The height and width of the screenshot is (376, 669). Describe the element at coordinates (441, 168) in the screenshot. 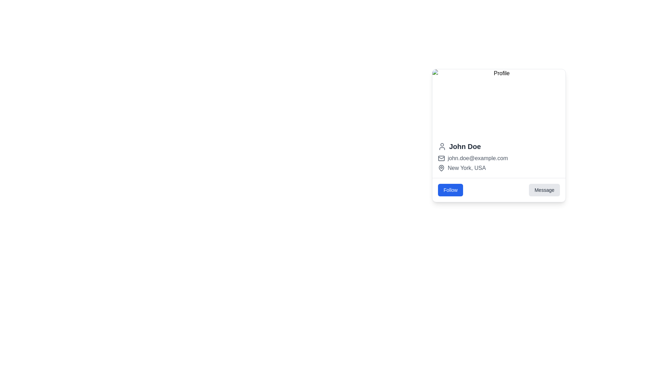

I see `the map pin icon located near the text label 'New York, USA' in the user profile card` at that location.